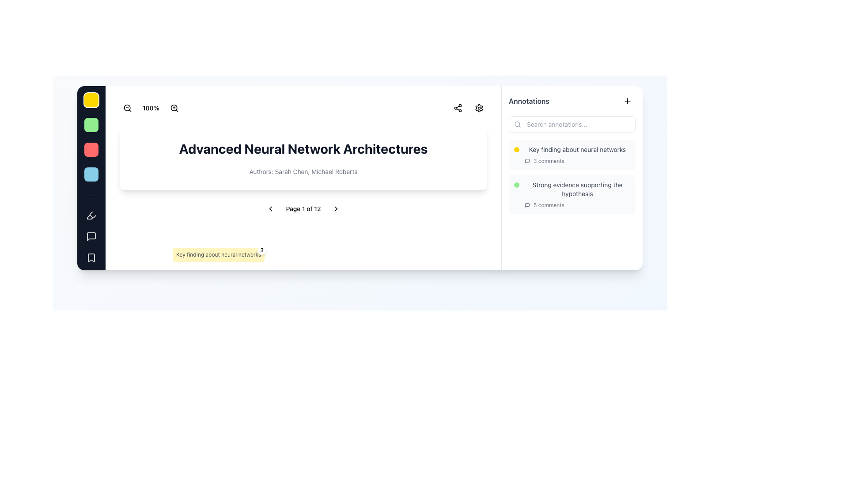  Describe the element at coordinates (270, 209) in the screenshot. I see `the left-facing chevron icon located within the button near the bottom-left of the central content area` at that location.